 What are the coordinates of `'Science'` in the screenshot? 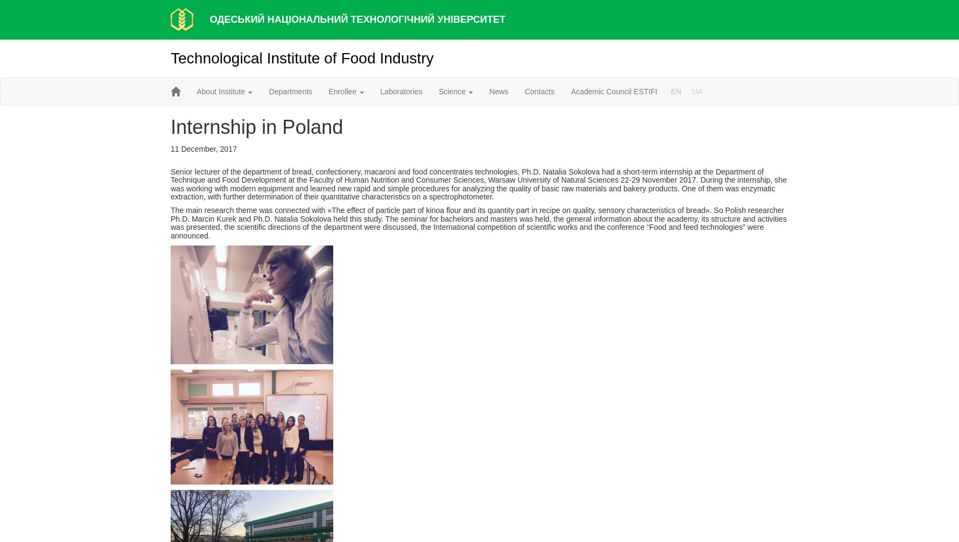 It's located at (452, 92).